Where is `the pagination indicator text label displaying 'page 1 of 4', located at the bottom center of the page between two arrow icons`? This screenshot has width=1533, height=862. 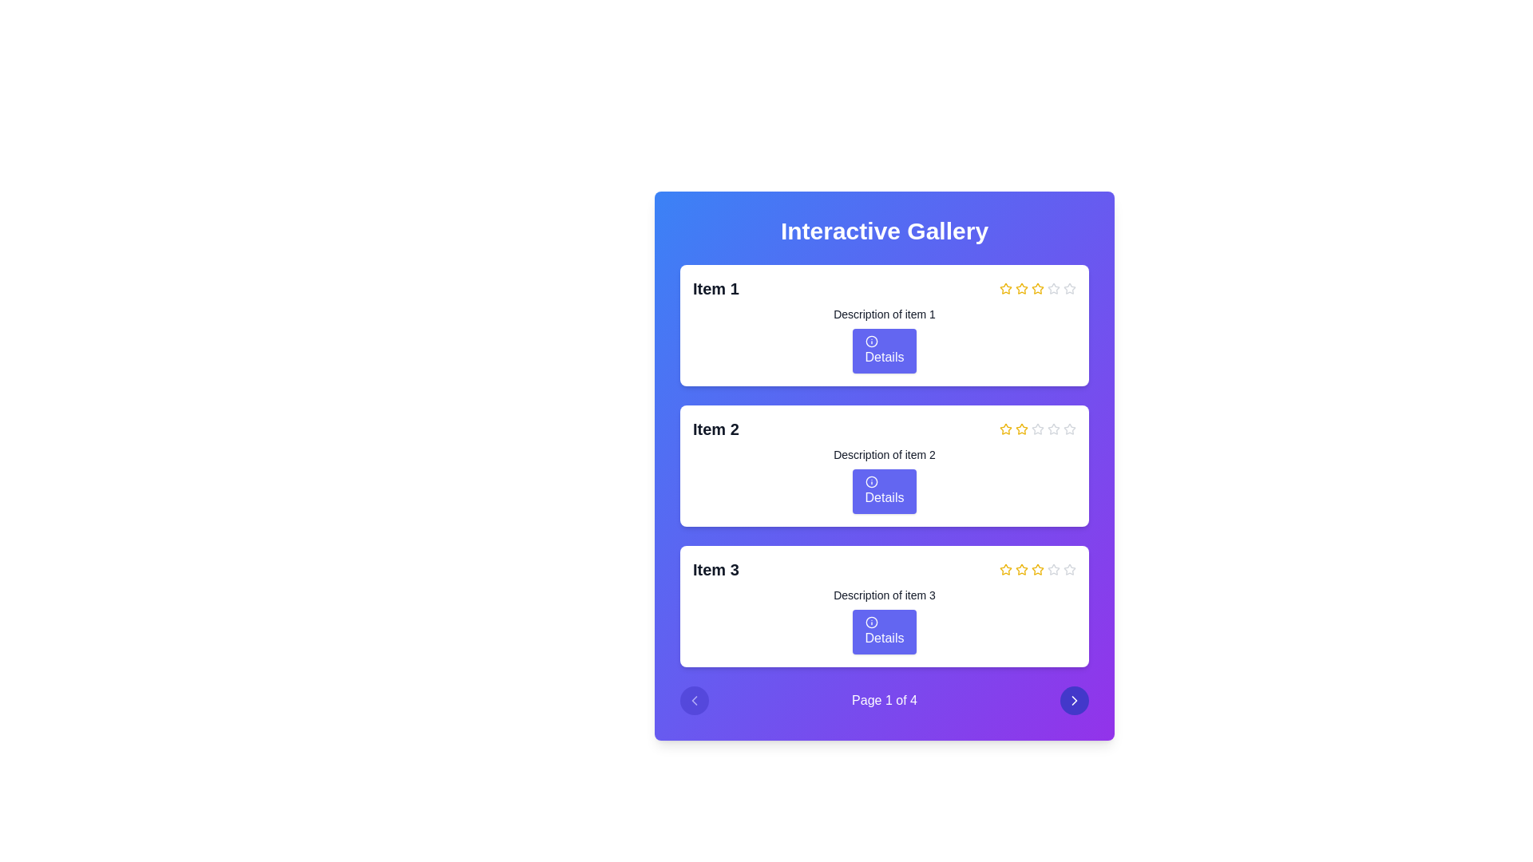 the pagination indicator text label displaying 'page 1 of 4', located at the bottom center of the page between two arrow icons is located at coordinates (884, 700).